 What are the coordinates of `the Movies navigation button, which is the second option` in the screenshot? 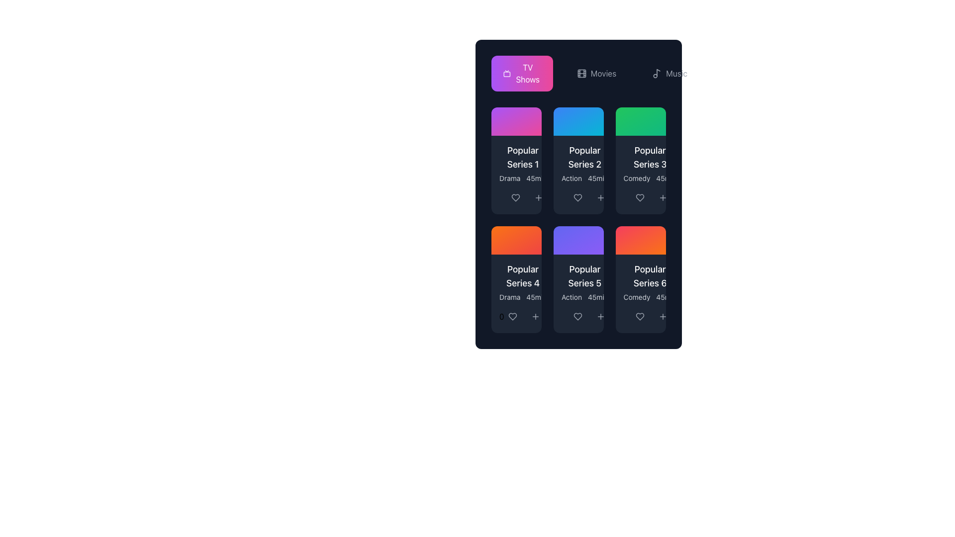 It's located at (578, 73).